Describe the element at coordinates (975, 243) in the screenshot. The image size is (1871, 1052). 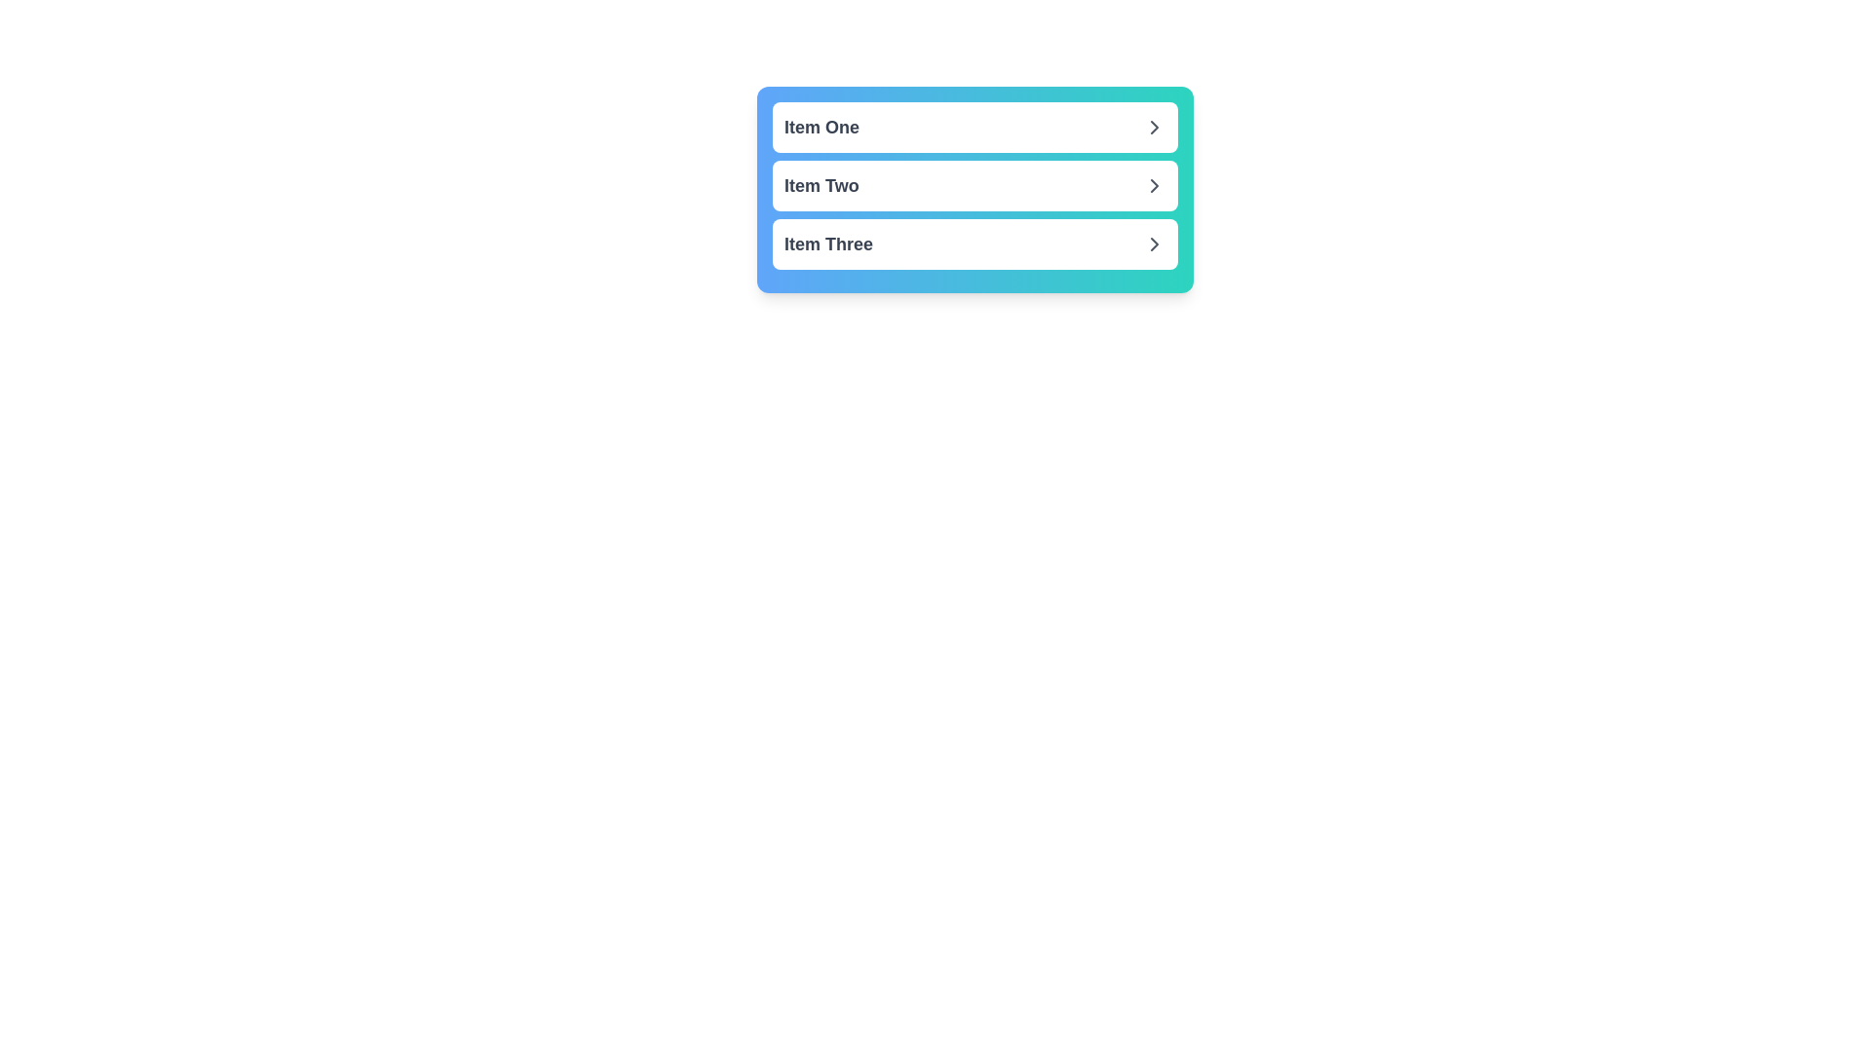
I see `the third list item labeled 'Item Three', which is positioned between 'Item Two' and any elements below it, in a vertical stack within a gradient background` at that location.